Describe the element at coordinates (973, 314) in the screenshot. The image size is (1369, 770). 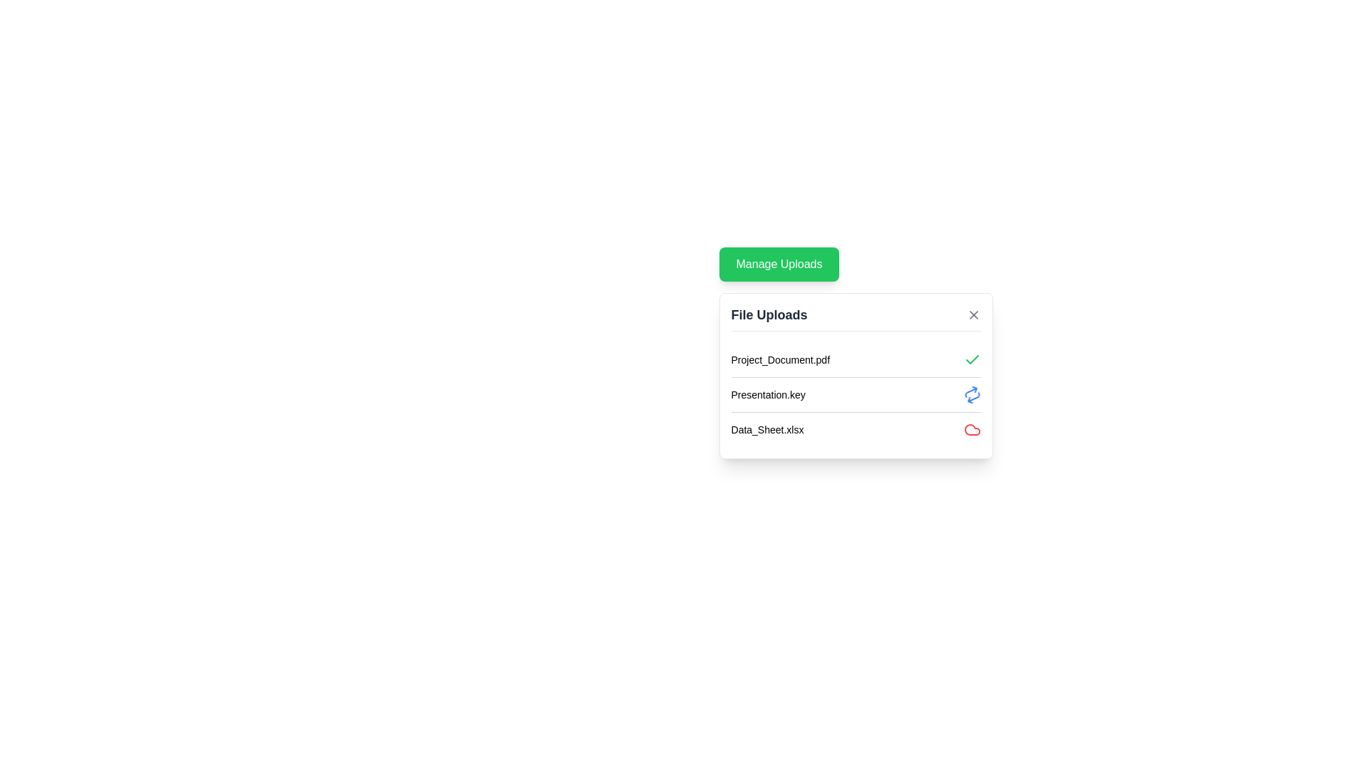
I see `the small 'X' icon button located in the header section of the 'File Uploads' card` at that location.